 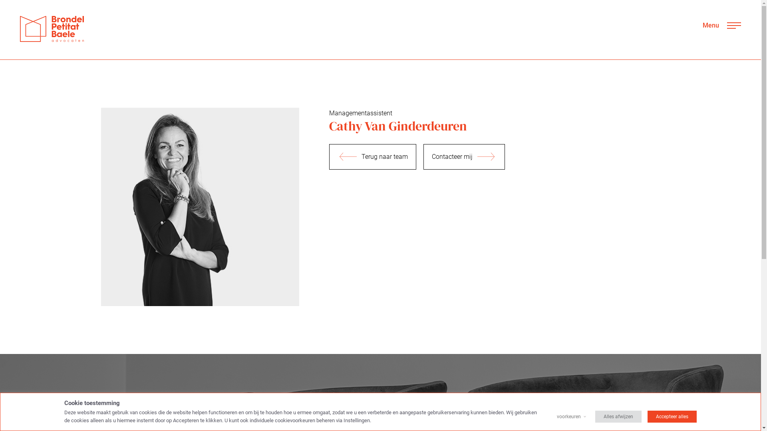 What do you see at coordinates (618, 416) in the screenshot?
I see `'Alles afwijzen'` at bounding box center [618, 416].